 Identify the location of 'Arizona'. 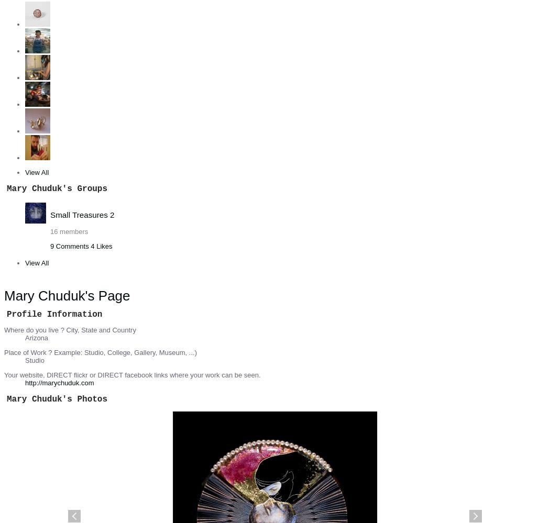
(36, 337).